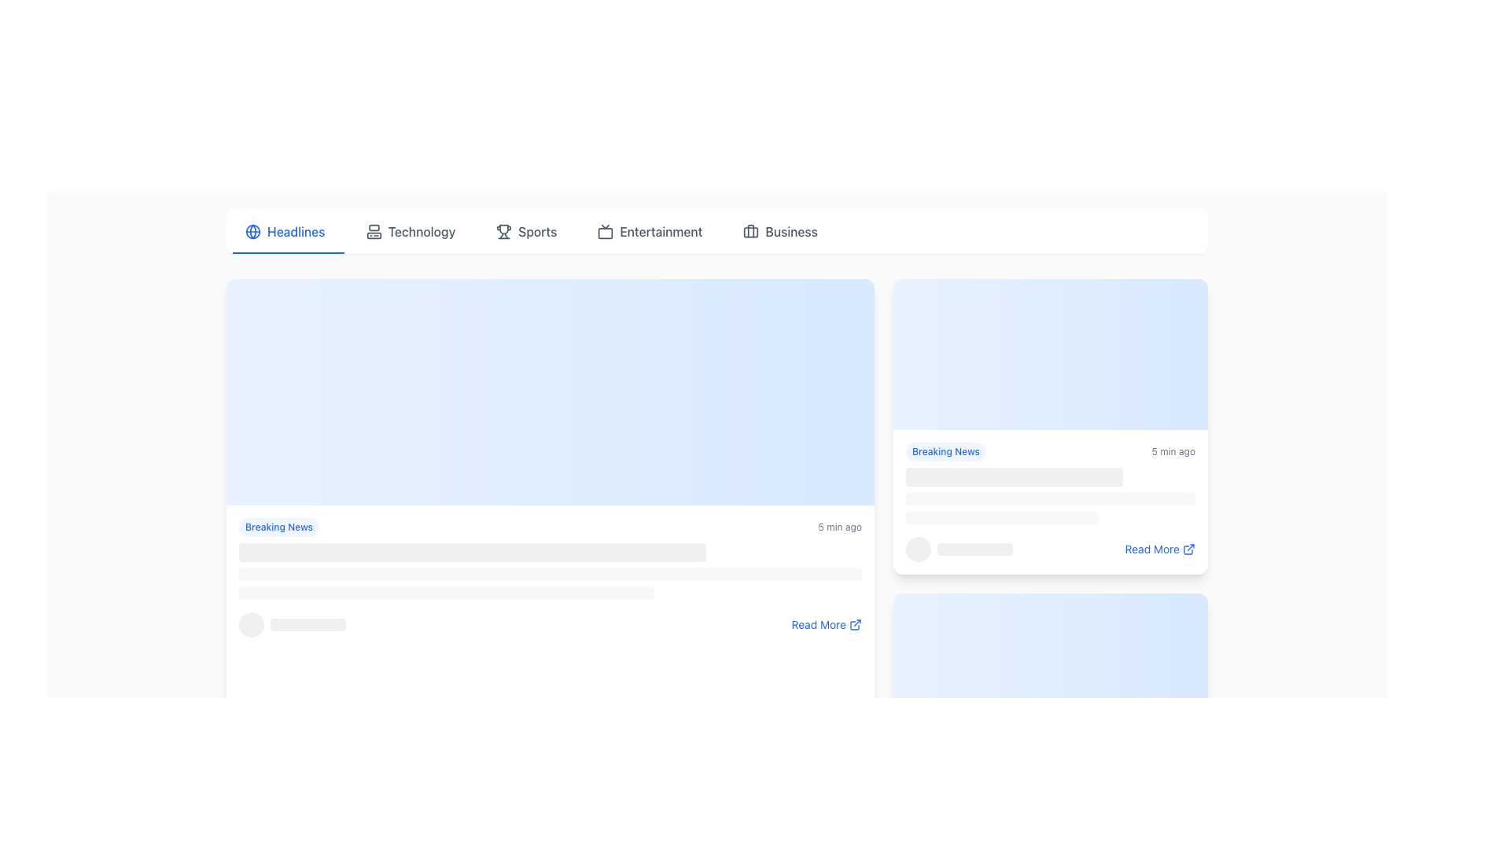  Describe the element at coordinates (650, 231) in the screenshot. I see `the 'Entertainment' button in the navigation bar` at that location.